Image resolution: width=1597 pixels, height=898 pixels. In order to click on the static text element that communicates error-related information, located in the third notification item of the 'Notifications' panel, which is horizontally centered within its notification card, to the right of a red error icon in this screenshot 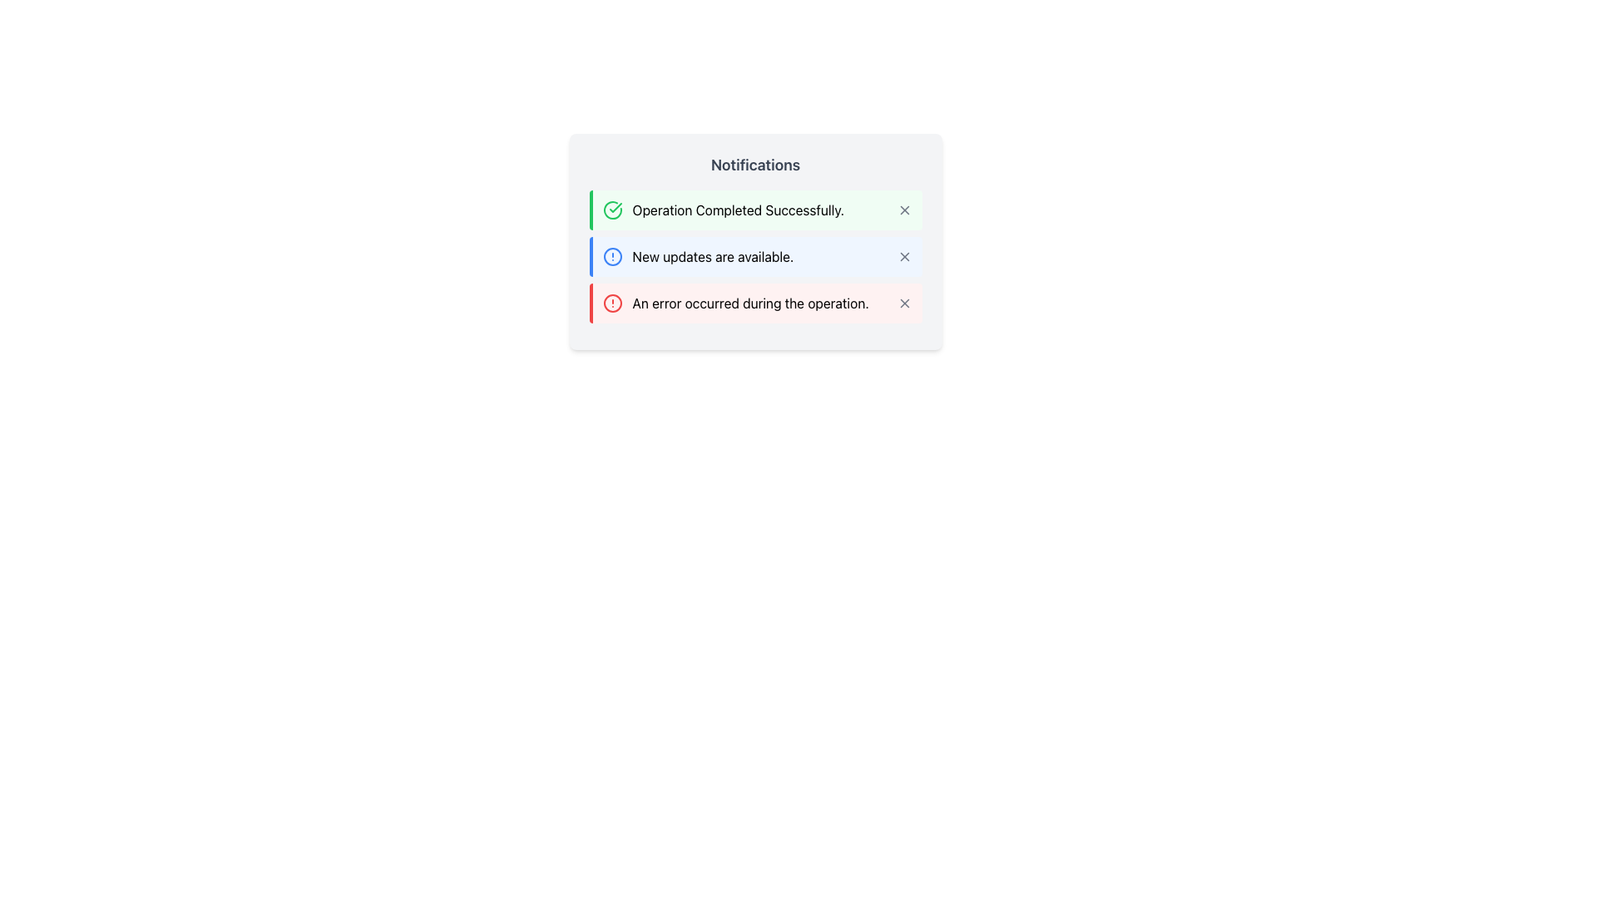, I will do `click(749, 303)`.